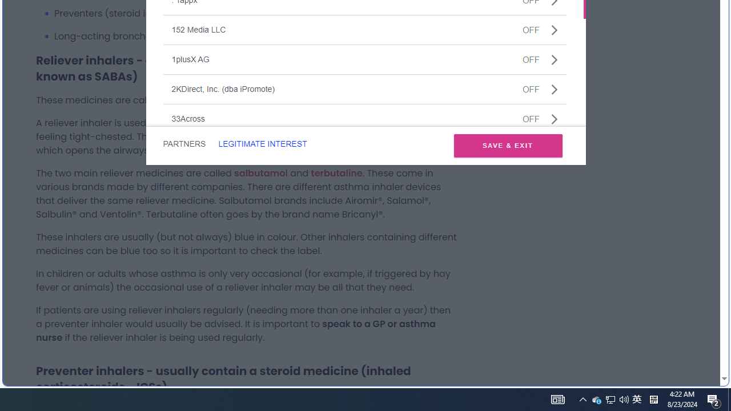 Image resolution: width=731 pixels, height=411 pixels. Describe the element at coordinates (554, 119) in the screenshot. I see `'Class: css-jswnc6'` at that location.